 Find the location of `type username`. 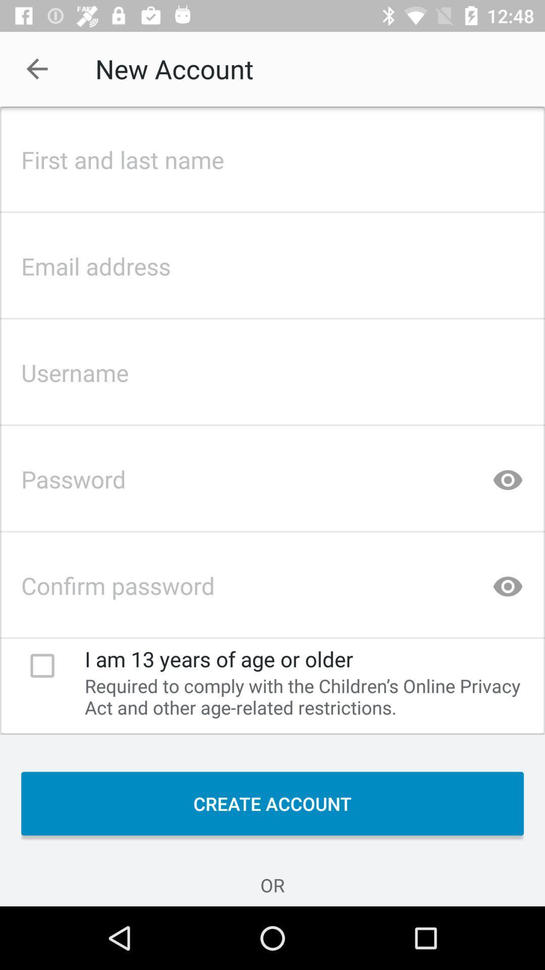

type username is located at coordinates (272, 369).